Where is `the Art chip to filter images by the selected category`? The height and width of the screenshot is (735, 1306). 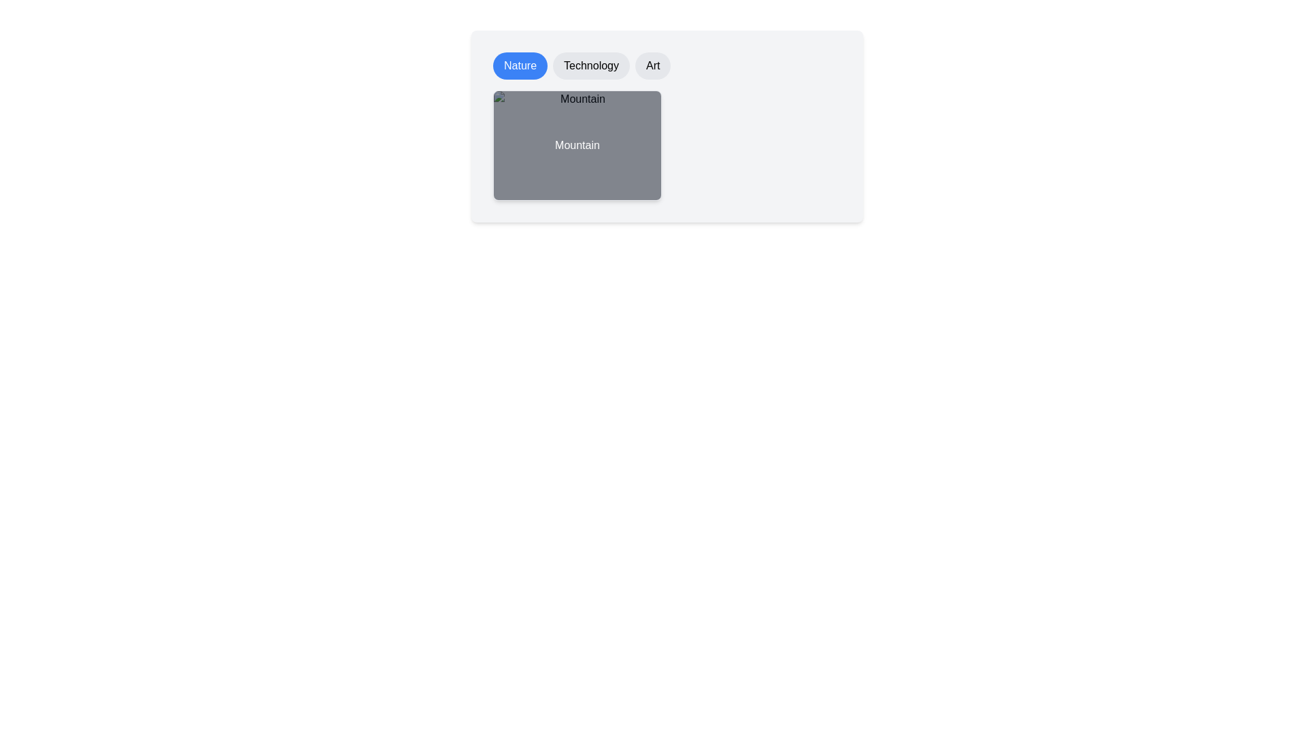
the Art chip to filter images by the selected category is located at coordinates (653, 65).